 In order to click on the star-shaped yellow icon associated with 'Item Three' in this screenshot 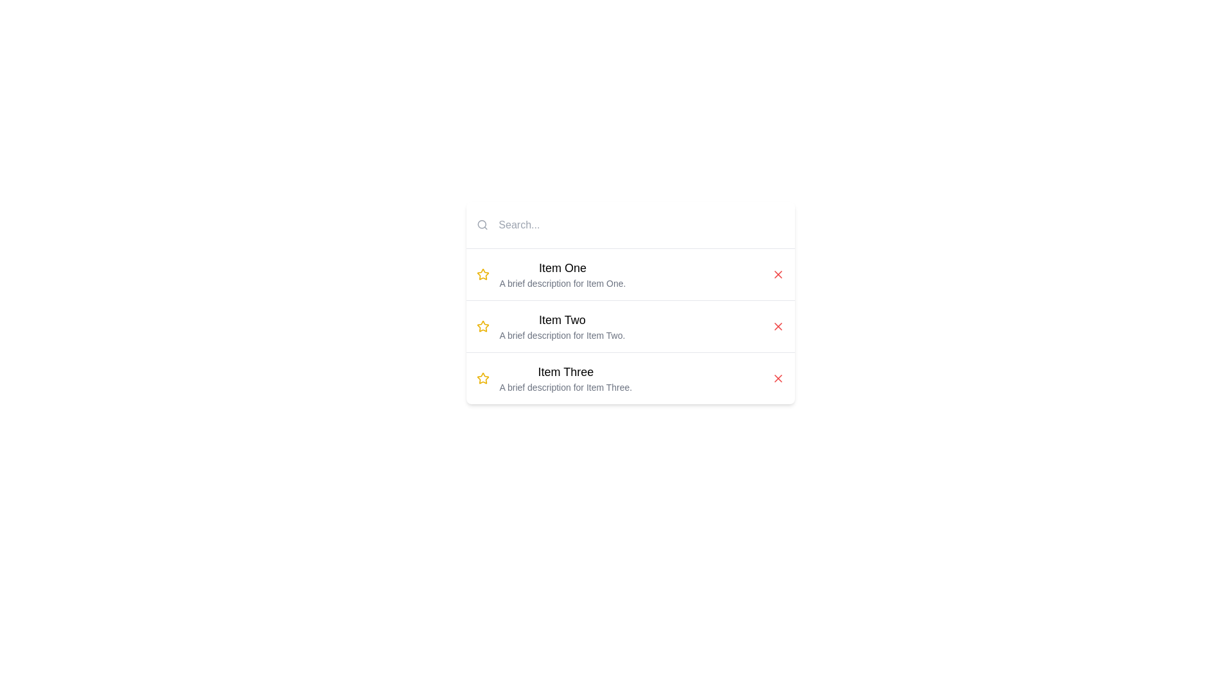, I will do `click(482, 378)`.